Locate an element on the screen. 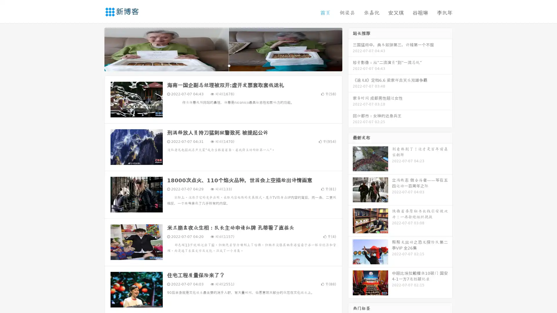 Image resolution: width=557 pixels, height=313 pixels. Next slide is located at coordinates (350, 49).